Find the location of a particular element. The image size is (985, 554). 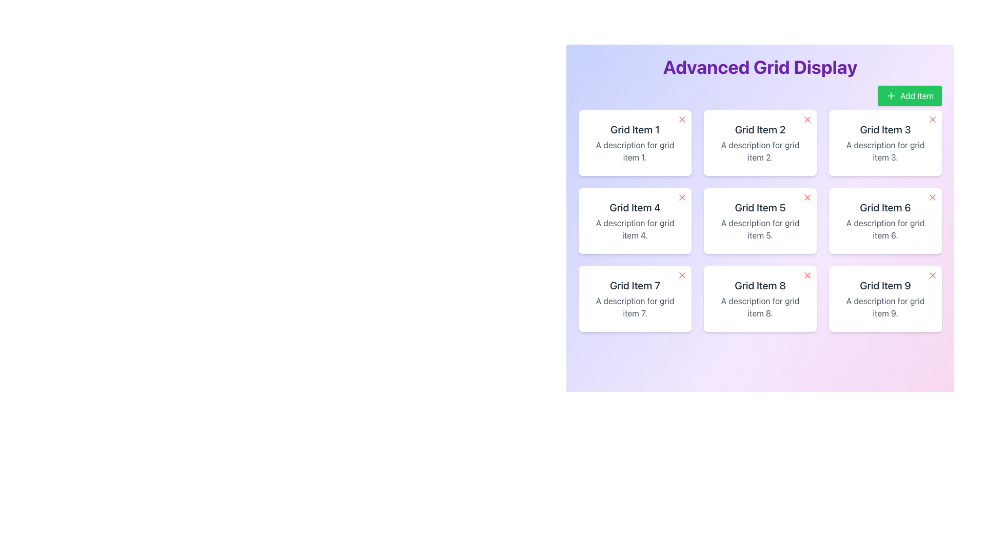

the text label that contains 'A description for grid item 3.' positioned within the panel titled 'Grid Item 3' in the third column of the first row of the grid layout is located at coordinates (885, 151).